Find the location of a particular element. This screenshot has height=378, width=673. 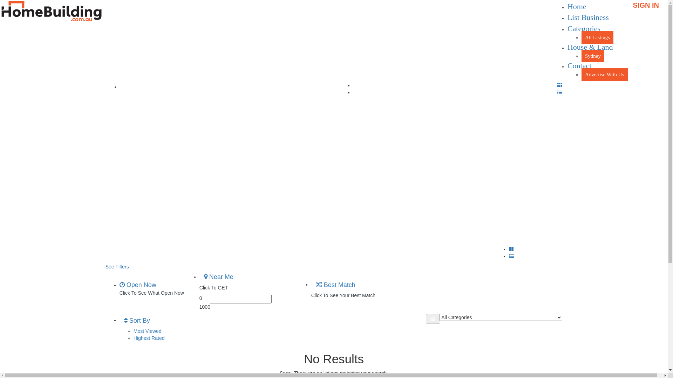

'See Filters' is located at coordinates (117, 267).